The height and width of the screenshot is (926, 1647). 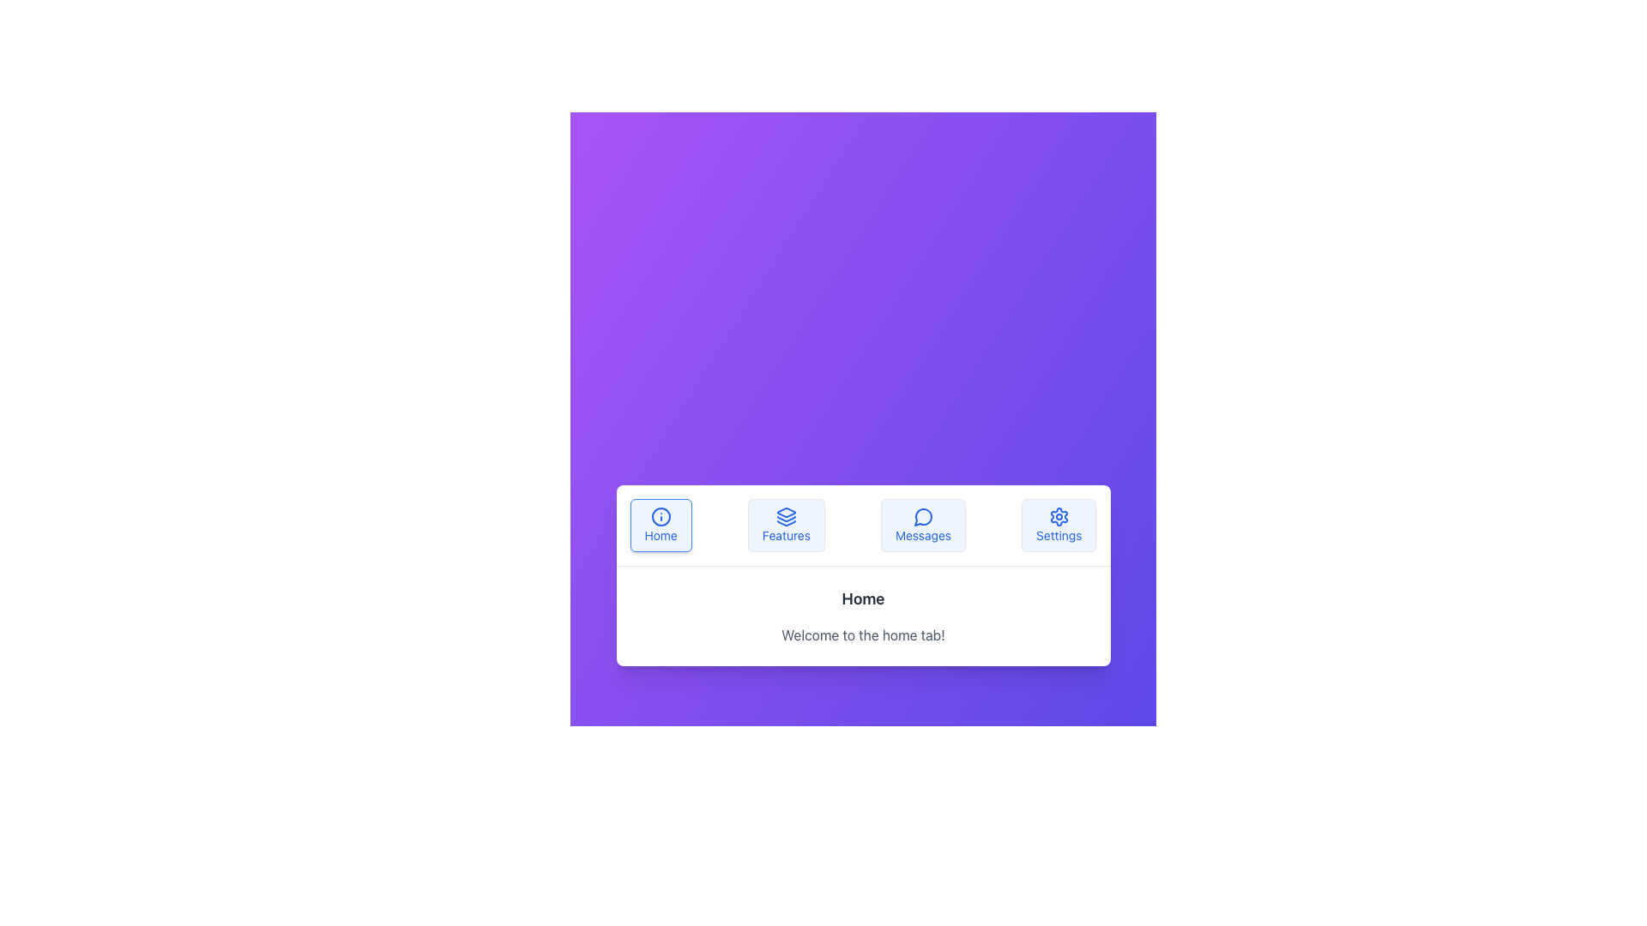 I want to click on the 'Features' button, which is the second button in a horizontal row of four buttons, styled with a light blue background and a stack icon above the label, so click(x=785, y=524).